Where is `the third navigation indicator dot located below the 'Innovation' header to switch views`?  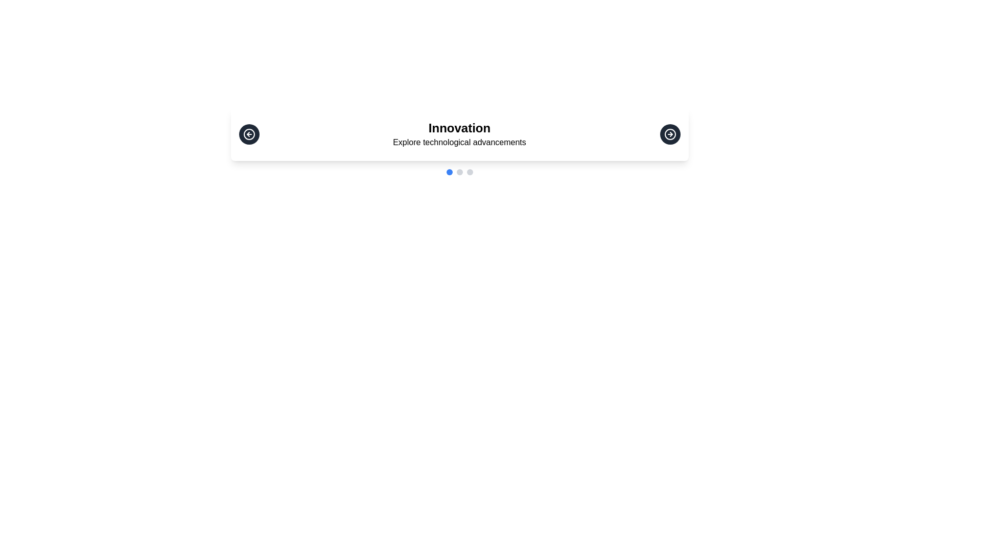
the third navigation indicator dot located below the 'Innovation' header to switch views is located at coordinates (469, 171).